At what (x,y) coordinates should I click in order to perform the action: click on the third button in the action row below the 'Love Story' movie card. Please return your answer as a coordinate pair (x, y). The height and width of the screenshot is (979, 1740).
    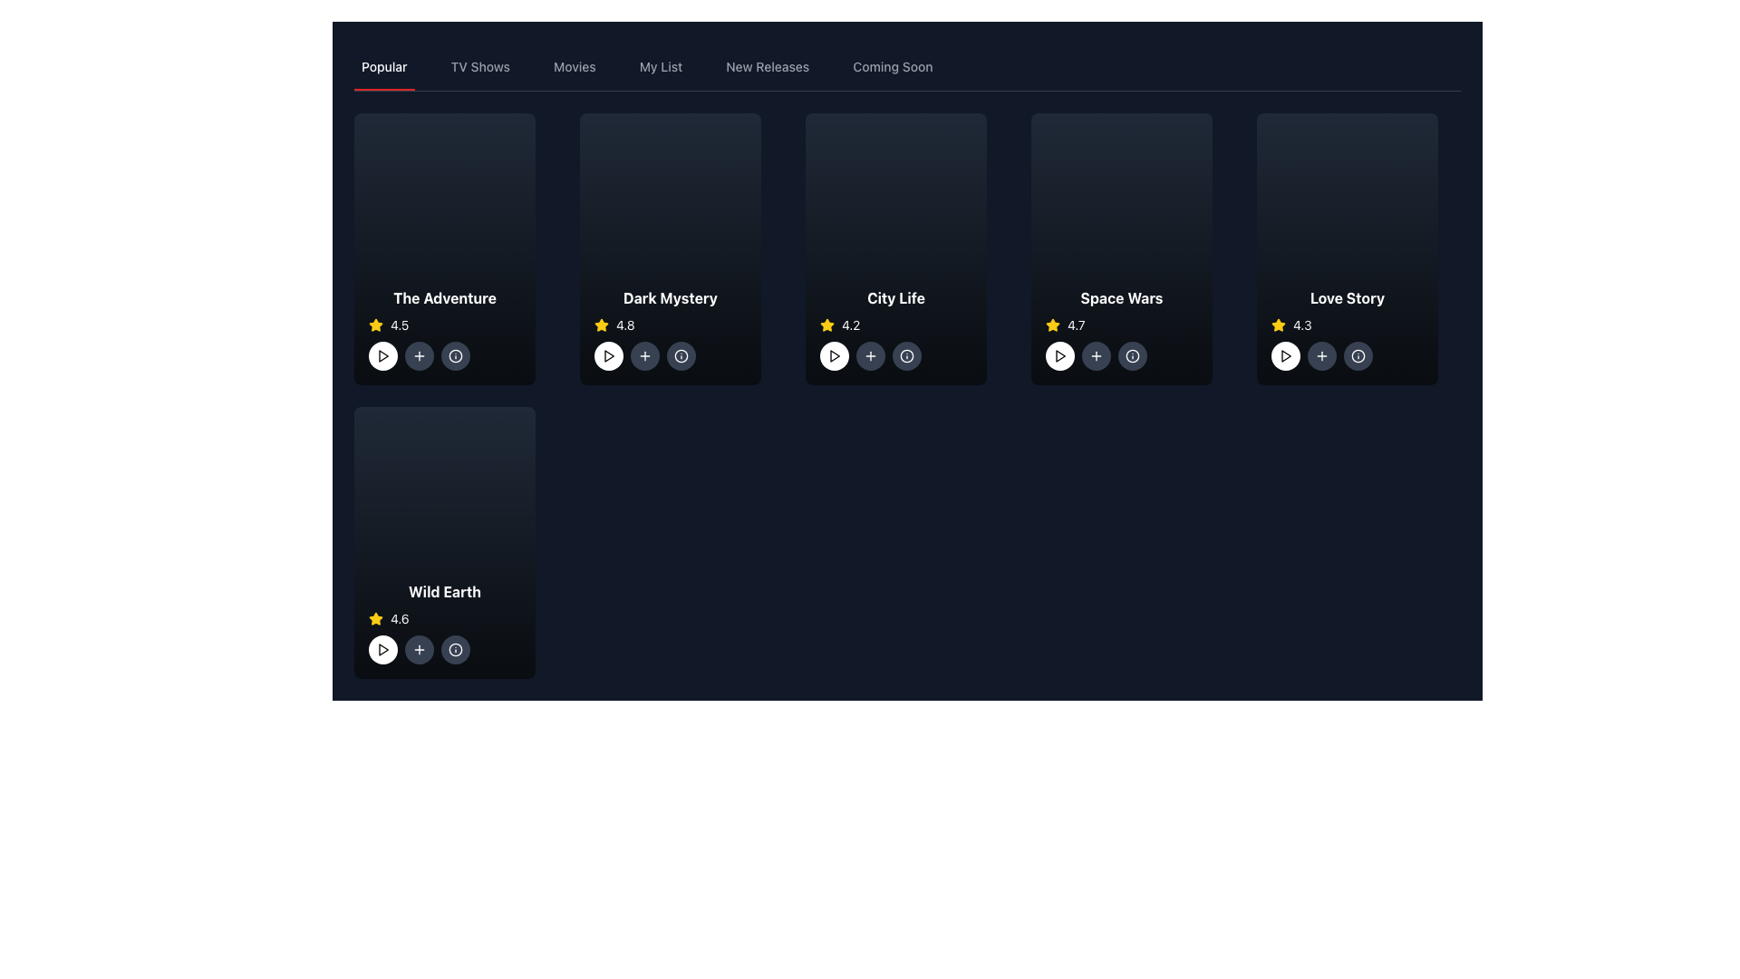
    Looking at the image, I should click on (1358, 356).